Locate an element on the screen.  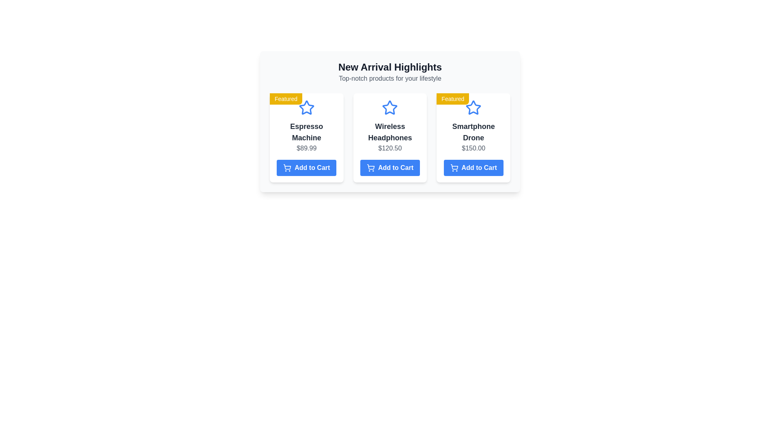
the icon that visually highlights the product card, located below the yellow 'Featured' tag and above the item's description in the first card of three visible cards is located at coordinates (306, 107).